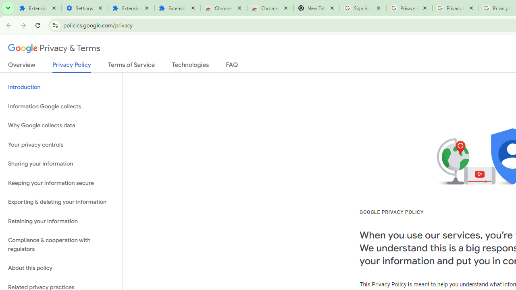 This screenshot has width=516, height=290. I want to click on 'New Tab', so click(316, 8).